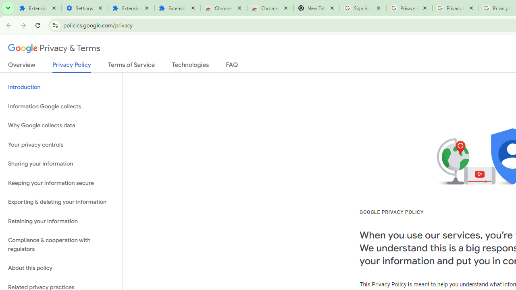 This screenshot has width=516, height=290. I want to click on 'New Tab', so click(316, 8).